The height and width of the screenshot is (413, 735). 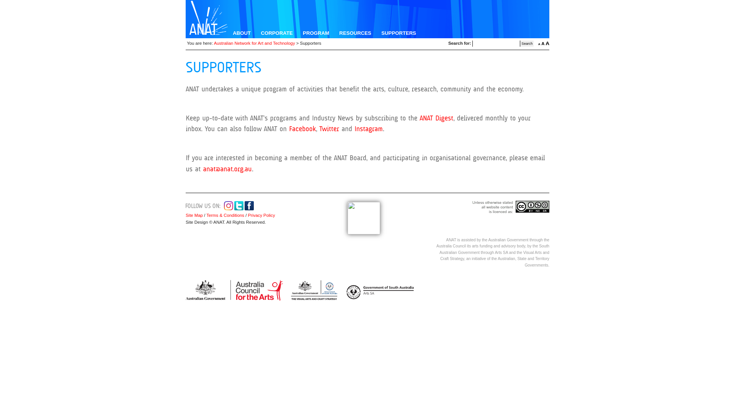 I want to click on 'Australian Network for Art and Technology', so click(x=255, y=43).